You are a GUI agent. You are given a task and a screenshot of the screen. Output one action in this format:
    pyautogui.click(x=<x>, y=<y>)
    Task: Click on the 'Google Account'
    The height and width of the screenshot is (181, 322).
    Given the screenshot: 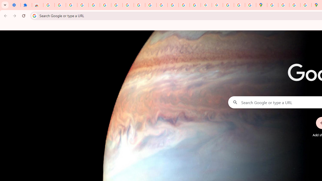 What is the action you would take?
    pyautogui.click(x=128, y=5)
    